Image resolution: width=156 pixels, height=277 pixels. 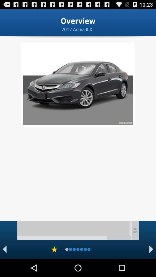 What do you see at coordinates (54, 249) in the screenshot?
I see `rate the car` at bounding box center [54, 249].